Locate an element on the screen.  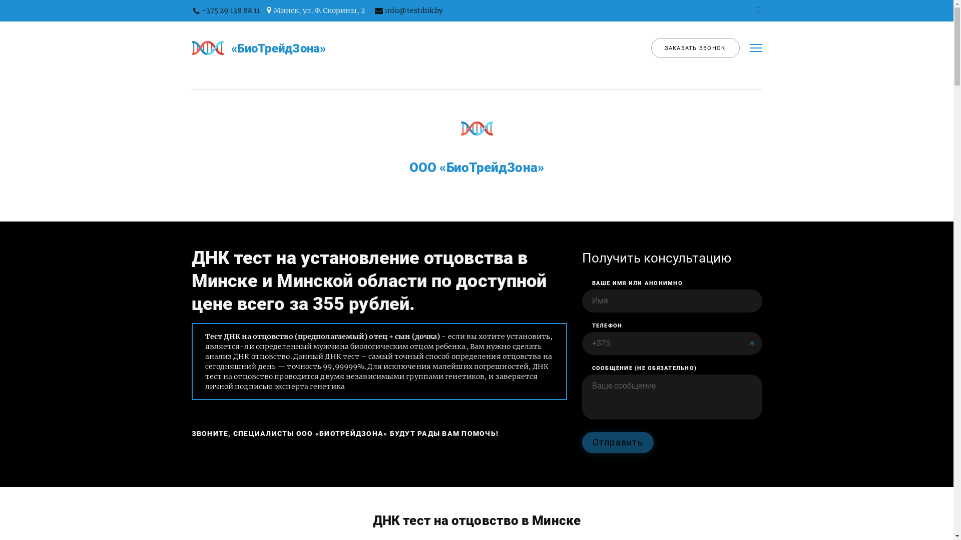
'+375 29 138 88 11' is located at coordinates (230, 10).